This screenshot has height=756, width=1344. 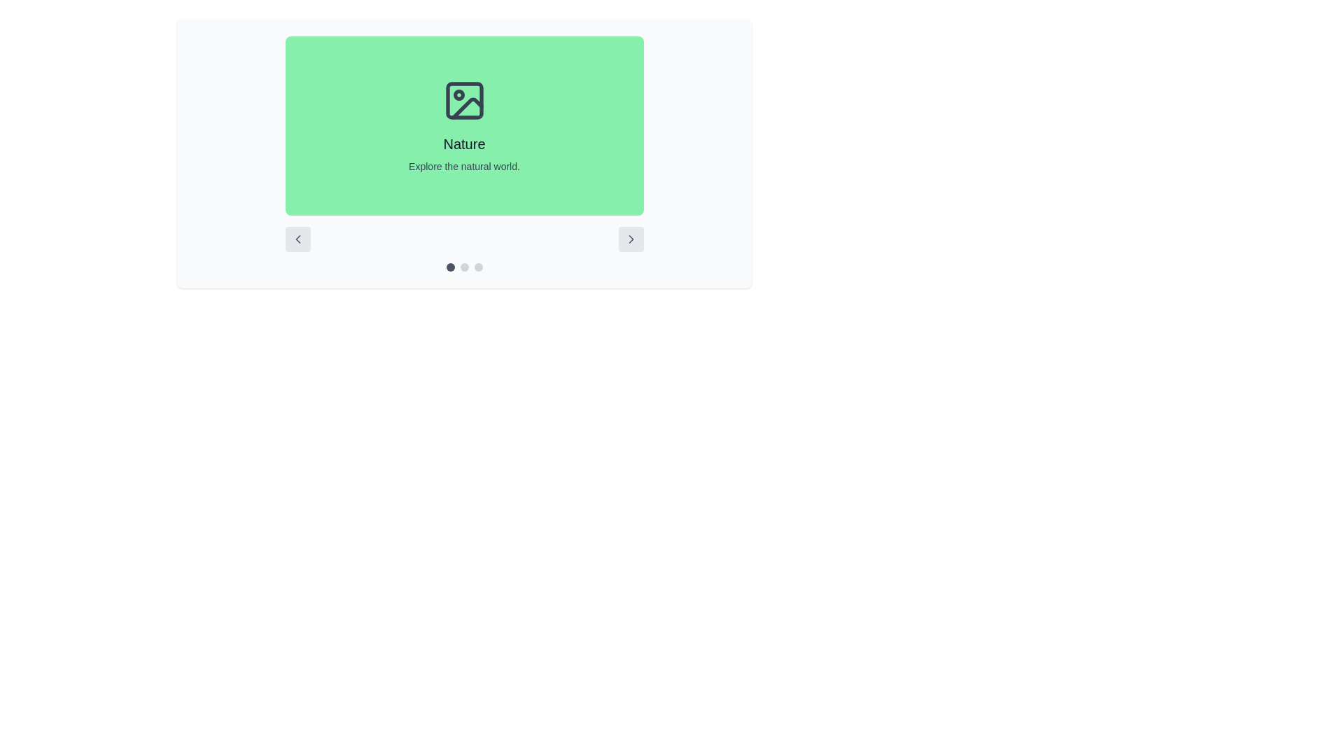 What do you see at coordinates (630, 239) in the screenshot?
I see `the rightward arrow button with a light gray background to receive visual feedback` at bounding box center [630, 239].